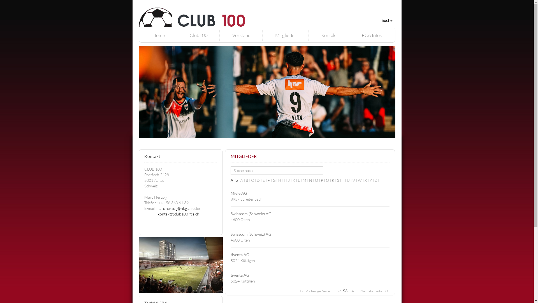  Describe the element at coordinates (377, 180) in the screenshot. I see `'Z'` at that location.